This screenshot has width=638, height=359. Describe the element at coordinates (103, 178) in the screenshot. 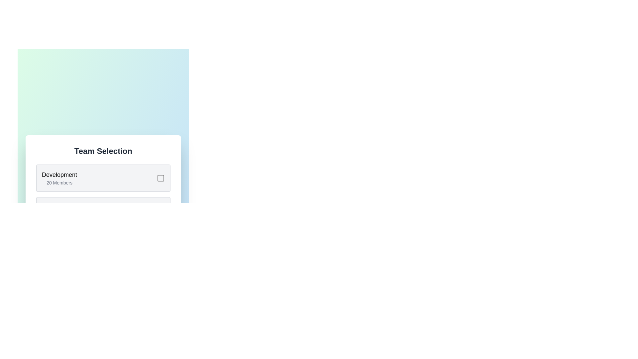

I see `the team card for Development to observe the hover effect` at that location.